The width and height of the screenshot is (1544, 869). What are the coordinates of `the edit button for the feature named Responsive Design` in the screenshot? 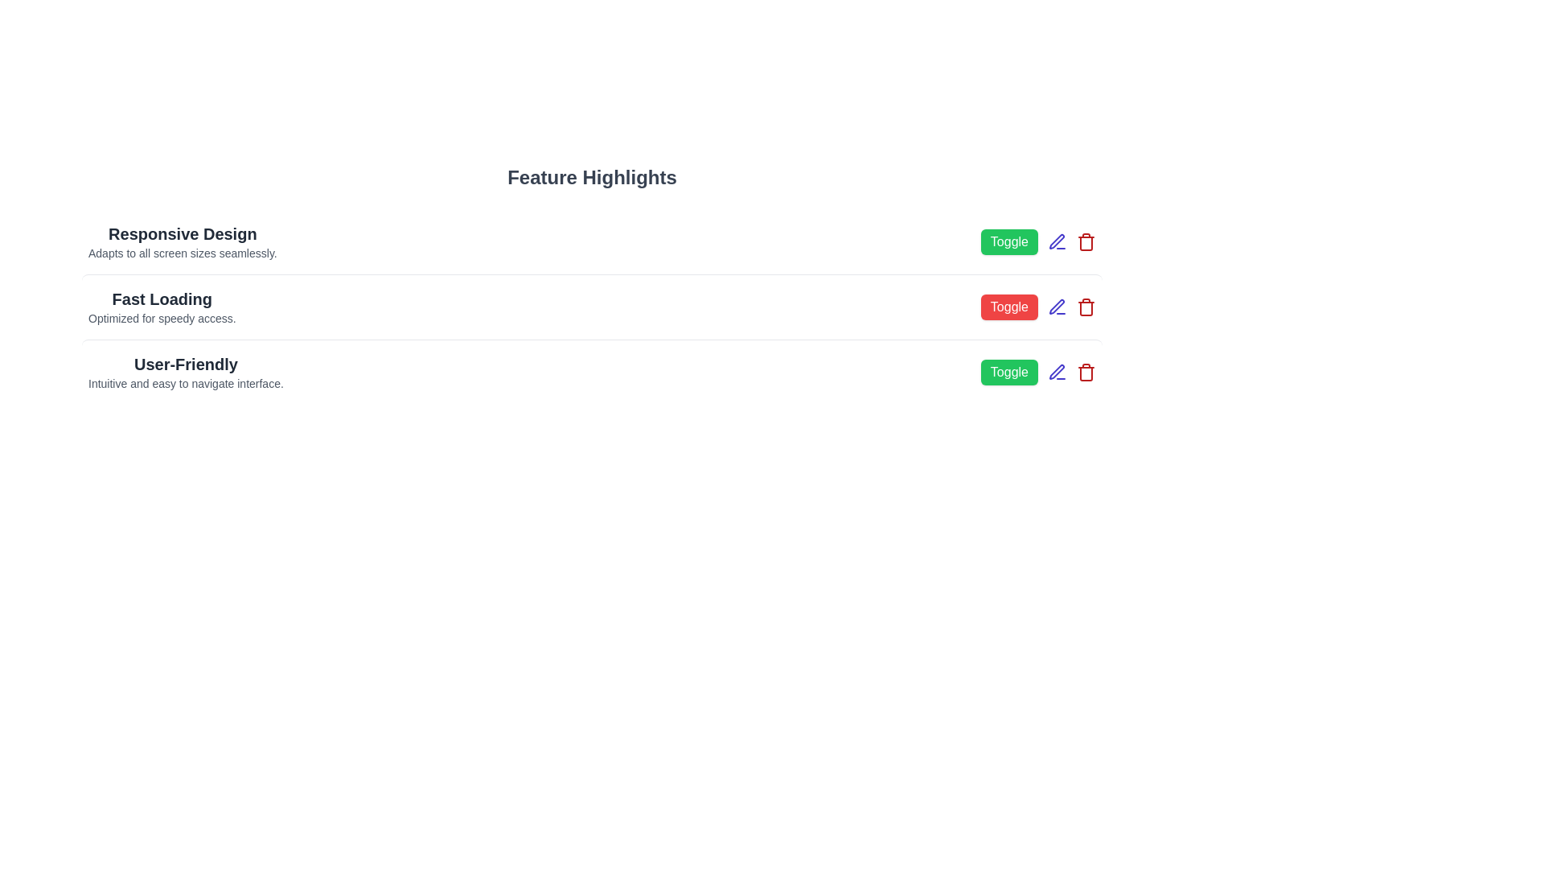 It's located at (1057, 241).